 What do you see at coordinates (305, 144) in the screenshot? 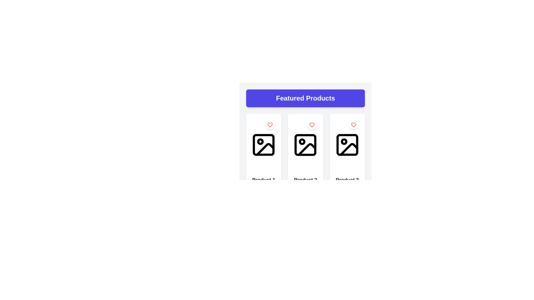
I see `the image placeholder located in the second product card of the 'Featured Products' section, positioned centrally within its card group, just beneath the heart-shaped icon` at bounding box center [305, 144].